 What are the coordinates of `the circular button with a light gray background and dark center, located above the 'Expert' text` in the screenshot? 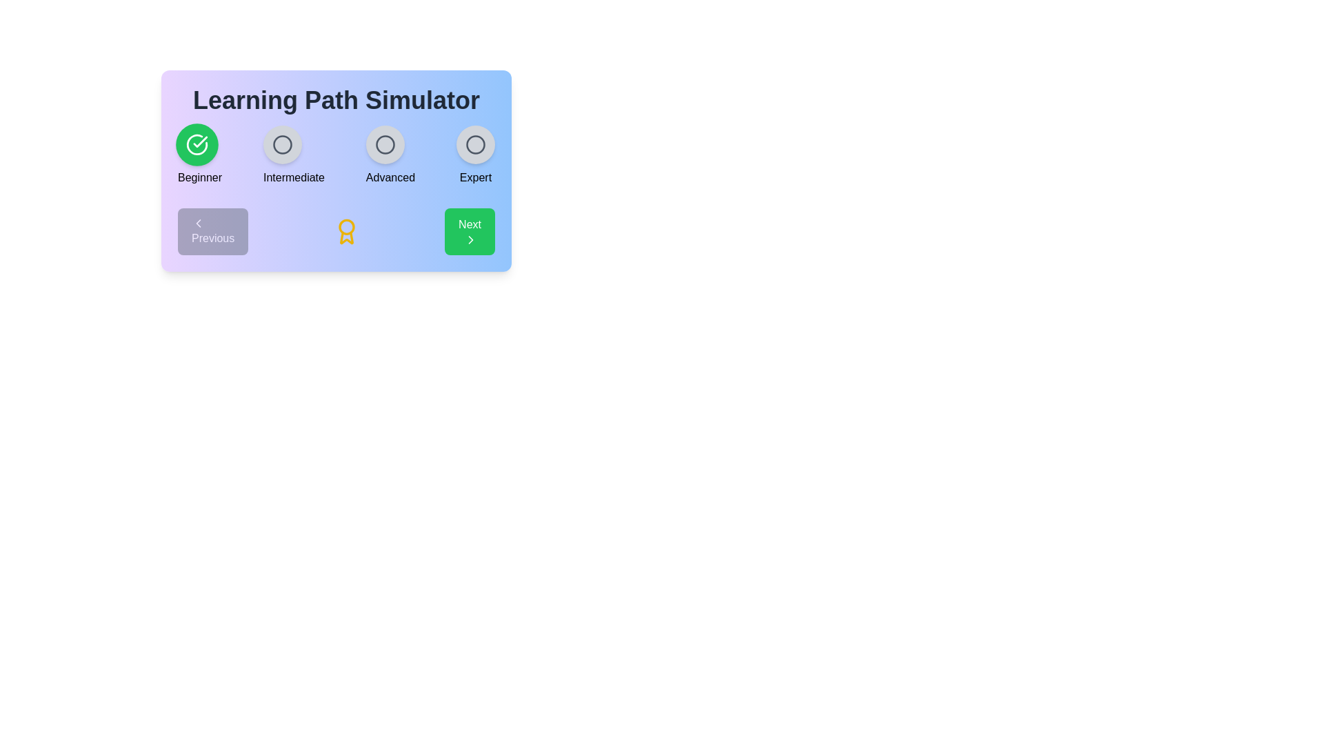 It's located at (476, 144).